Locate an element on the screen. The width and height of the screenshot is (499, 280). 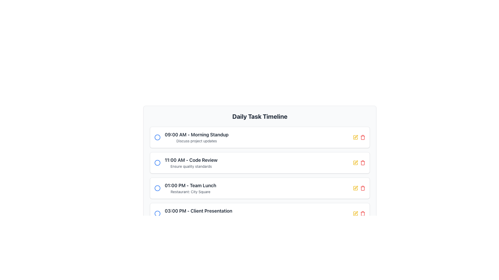
the text label displaying '09:00 AM - Morning Standup', which is styled in bold, large dark gray font and serves as the title for the first task entry in the Daily Task Timeline is located at coordinates (196, 135).